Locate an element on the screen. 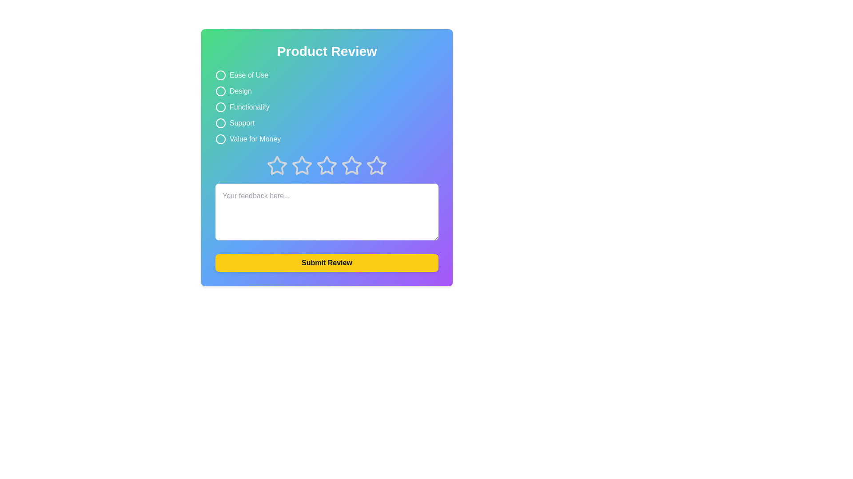 Image resolution: width=853 pixels, height=479 pixels. the star corresponding to 2 stars to preview the rating is located at coordinates (302, 166).